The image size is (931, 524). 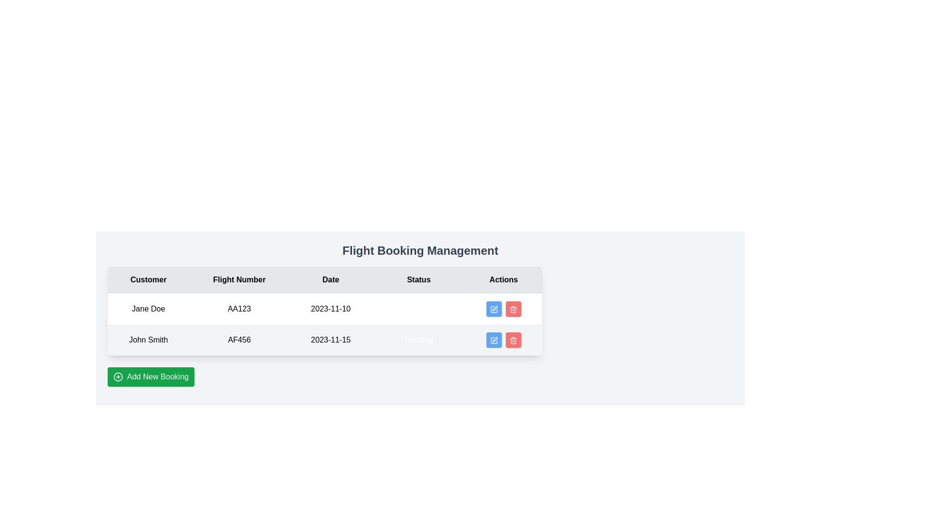 What do you see at coordinates (148, 280) in the screenshot?
I see `'Customer' label, which is the first text label in the table layout, displayed in a simple, bold font against a light gray background` at bounding box center [148, 280].